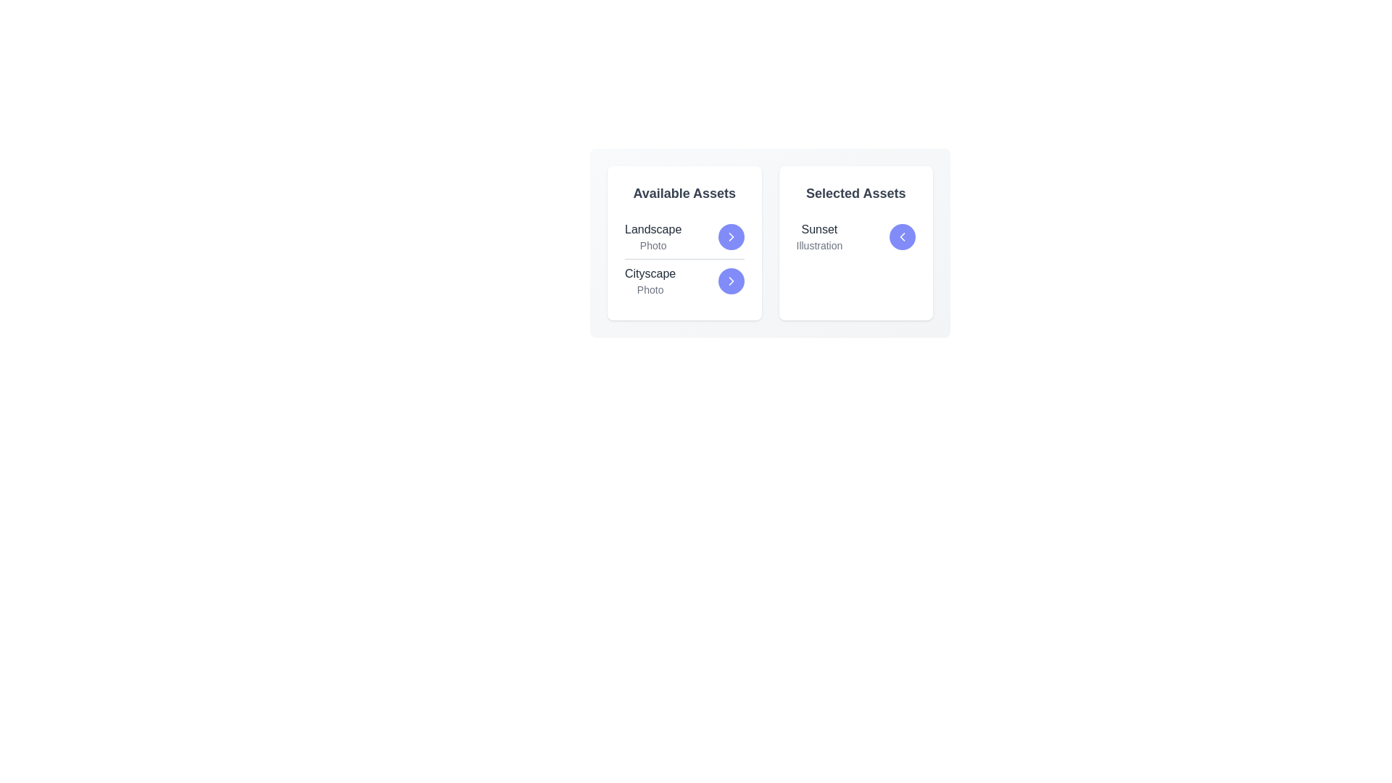  Describe the element at coordinates (731, 236) in the screenshot. I see `right arrow button next to the asset named Landscape in the 'Available Assets' section to move it to 'Selected Assets'` at that location.